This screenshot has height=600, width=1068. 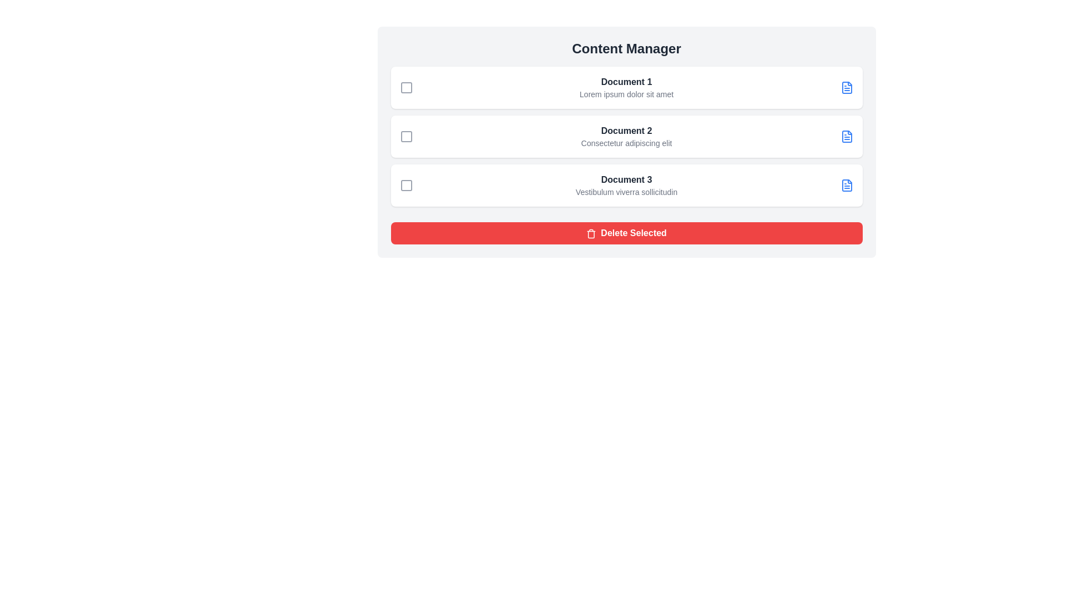 I want to click on the document icon for Document 2, so click(x=846, y=136).